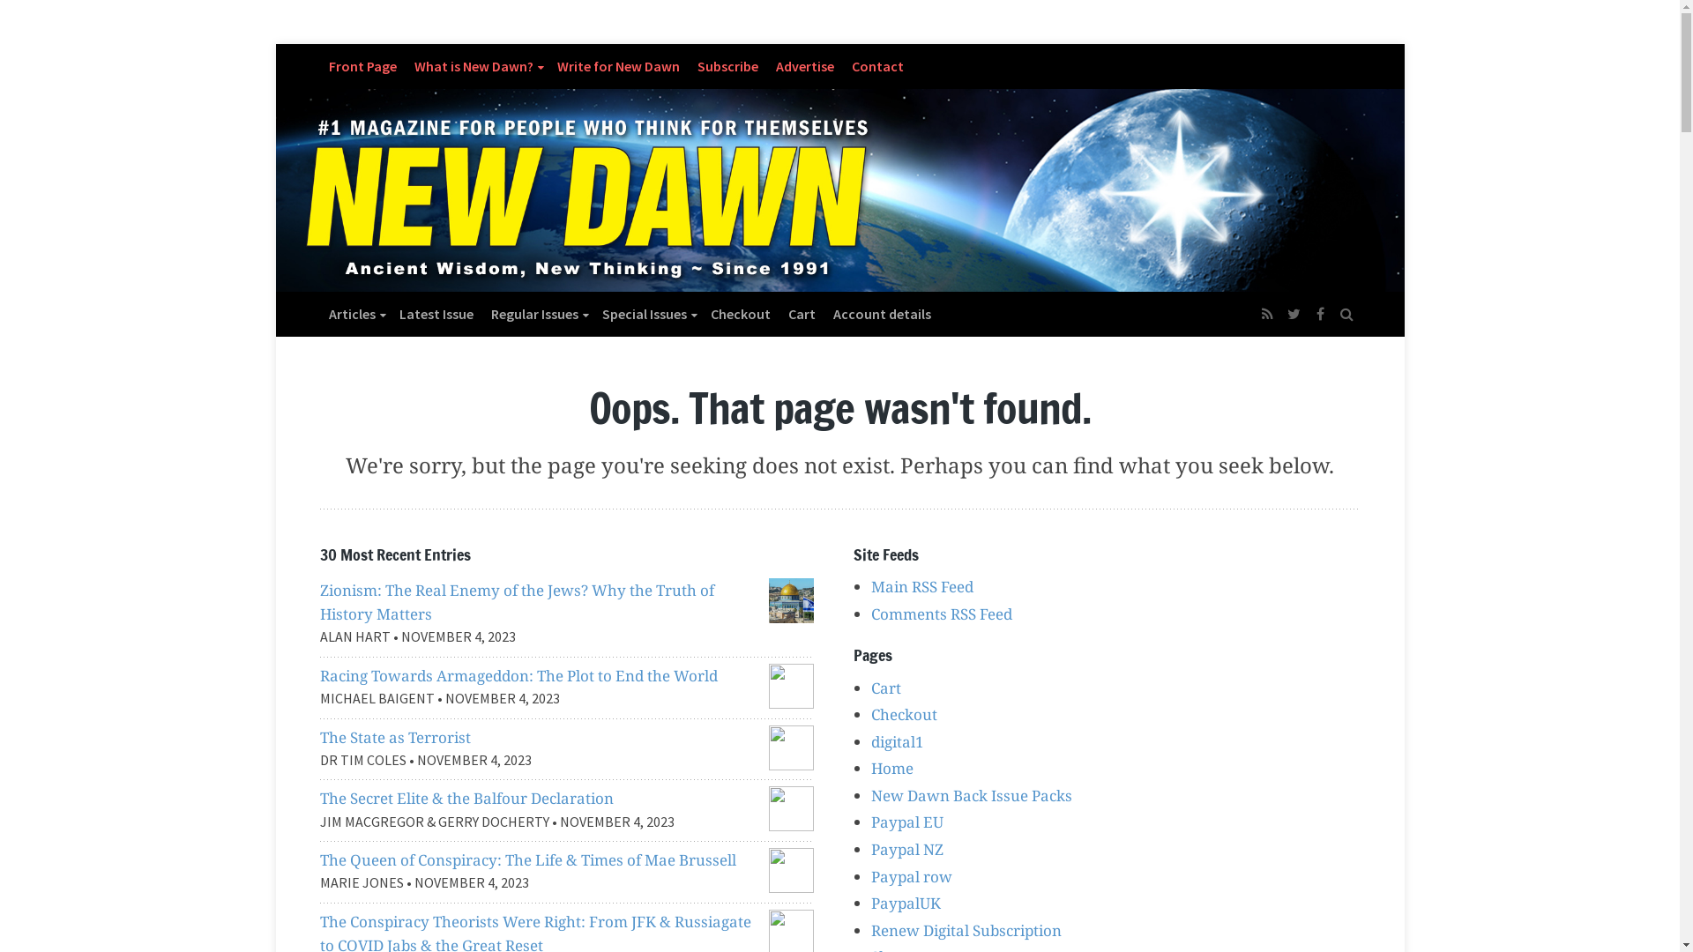  I want to click on 'Articles', so click(354, 312).